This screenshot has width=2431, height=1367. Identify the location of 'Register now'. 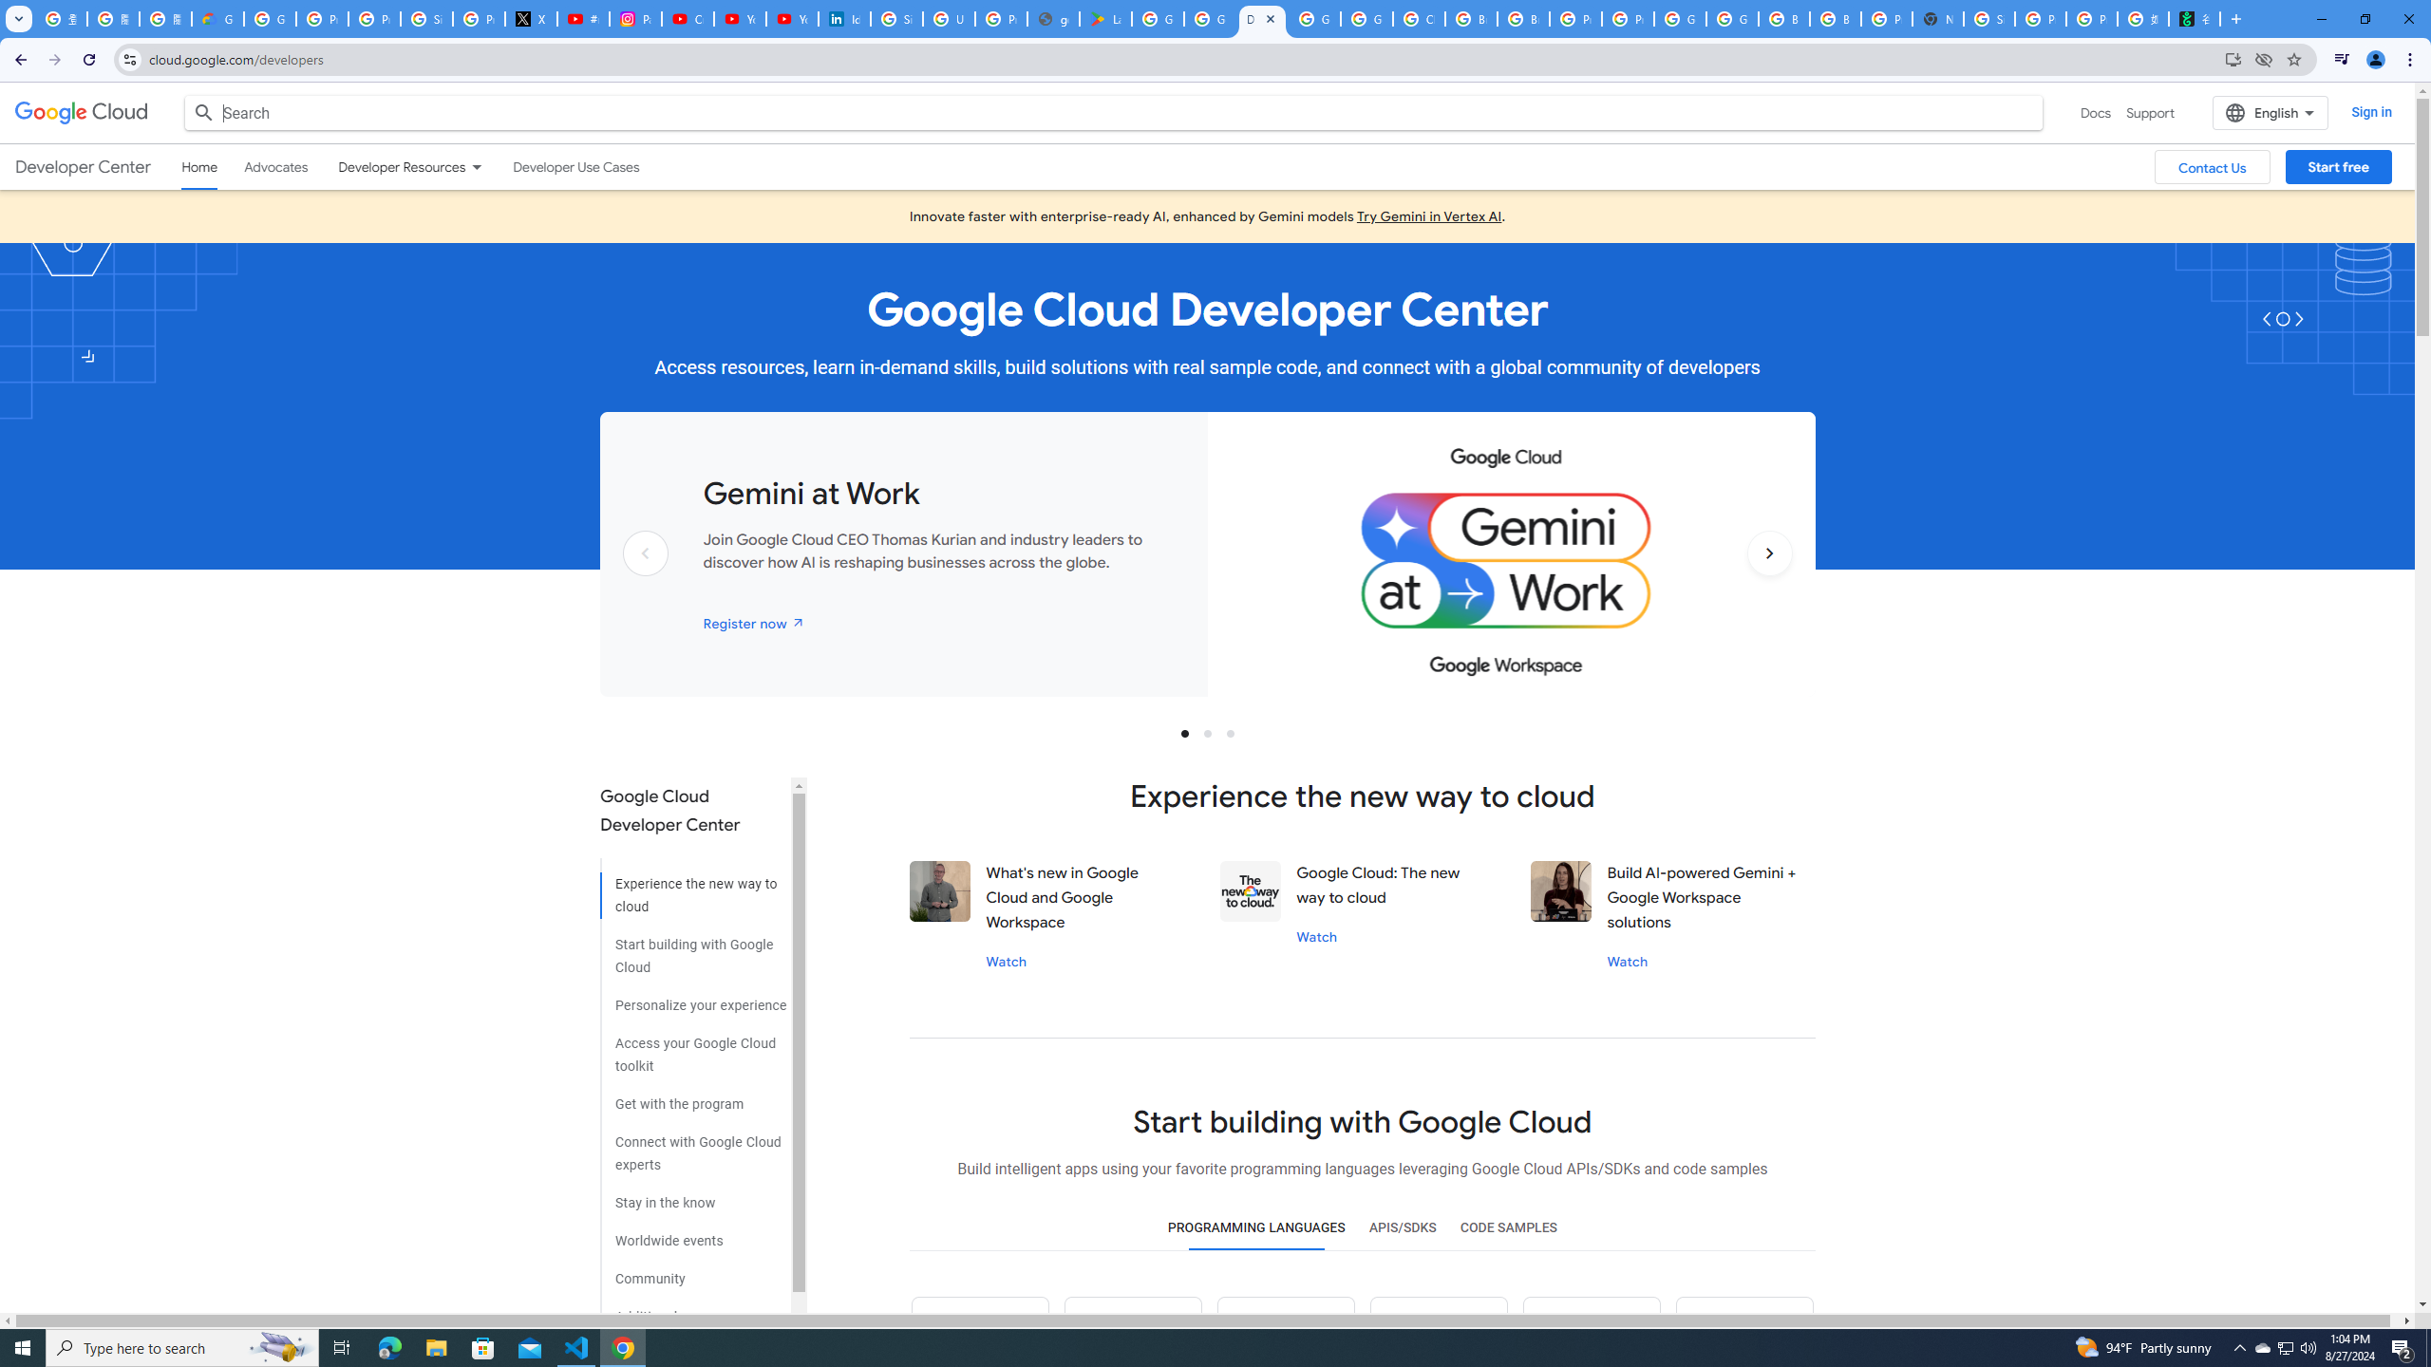
(754, 621).